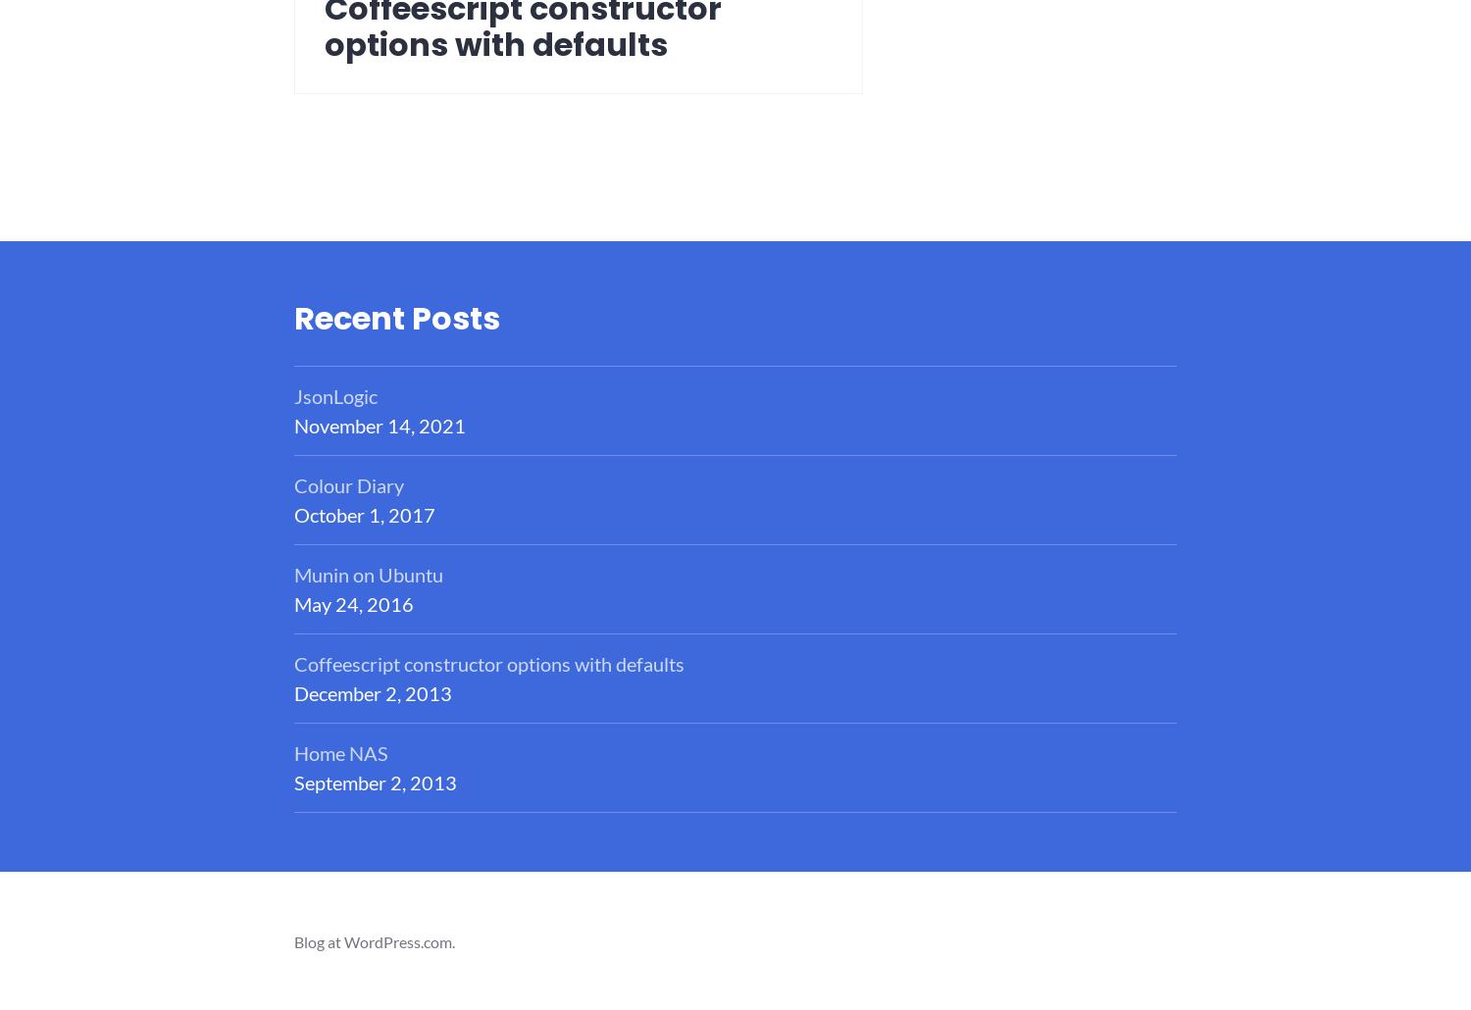  I want to click on 'JsonLogic', so click(334, 395).